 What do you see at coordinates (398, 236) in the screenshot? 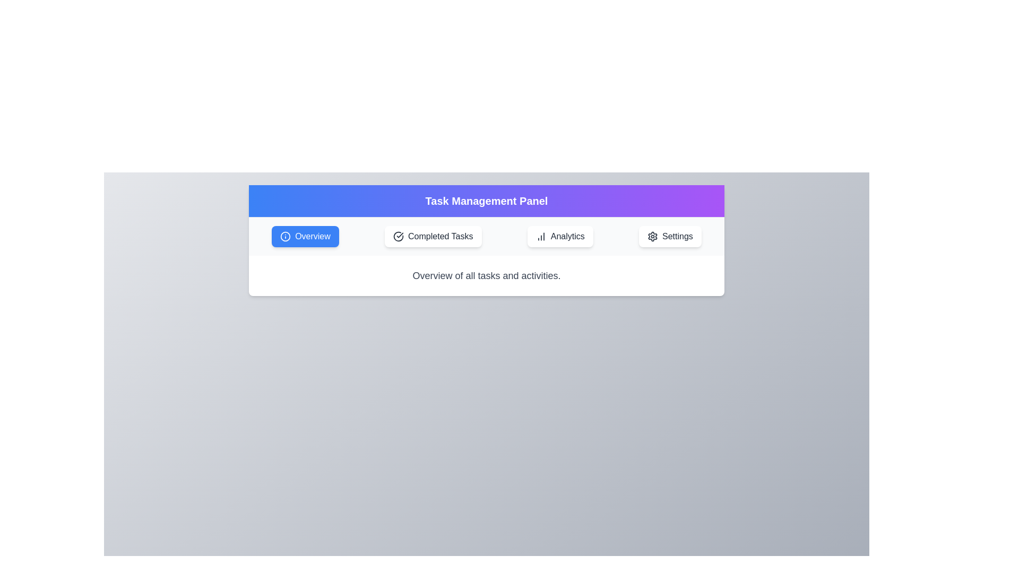
I see `the 'Completed Tasks' button that contains the checkmark icon, which indicates the completion status of tasks` at bounding box center [398, 236].